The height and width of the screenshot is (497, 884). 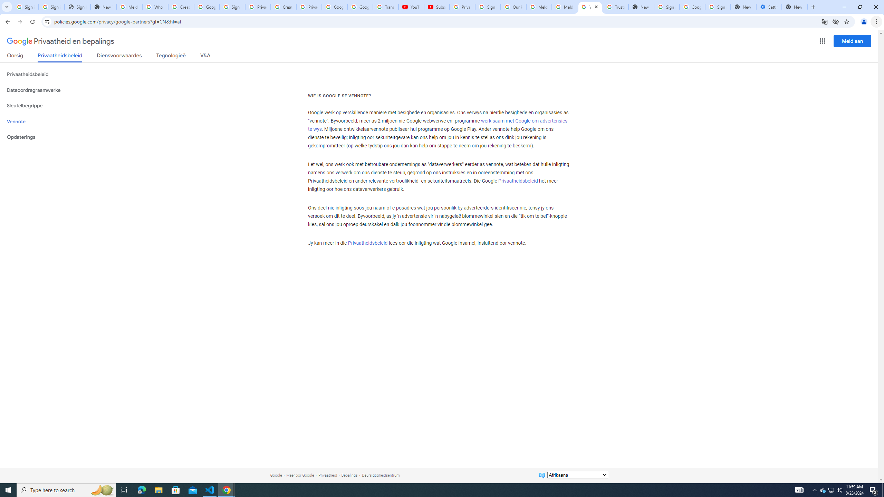 What do you see at coordinates (853, 41) in the screenshot?
I see `'Meld aan'` at bounding box center [853, 41].